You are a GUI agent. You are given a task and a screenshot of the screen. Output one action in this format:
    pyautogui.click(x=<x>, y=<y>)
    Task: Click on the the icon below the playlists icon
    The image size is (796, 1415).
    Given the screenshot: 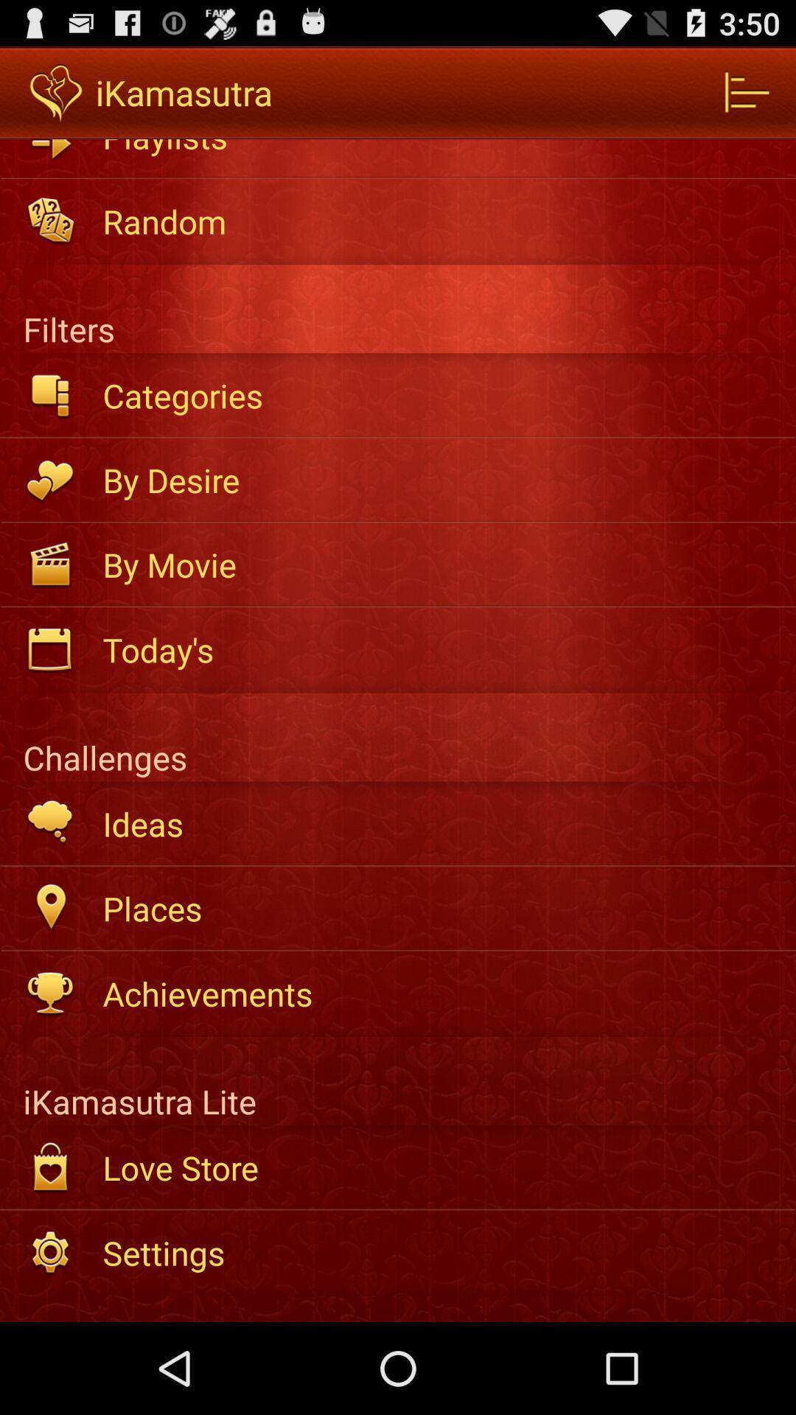 What is the action you would take?
    pyautogui.click(x=439, y=220)
    